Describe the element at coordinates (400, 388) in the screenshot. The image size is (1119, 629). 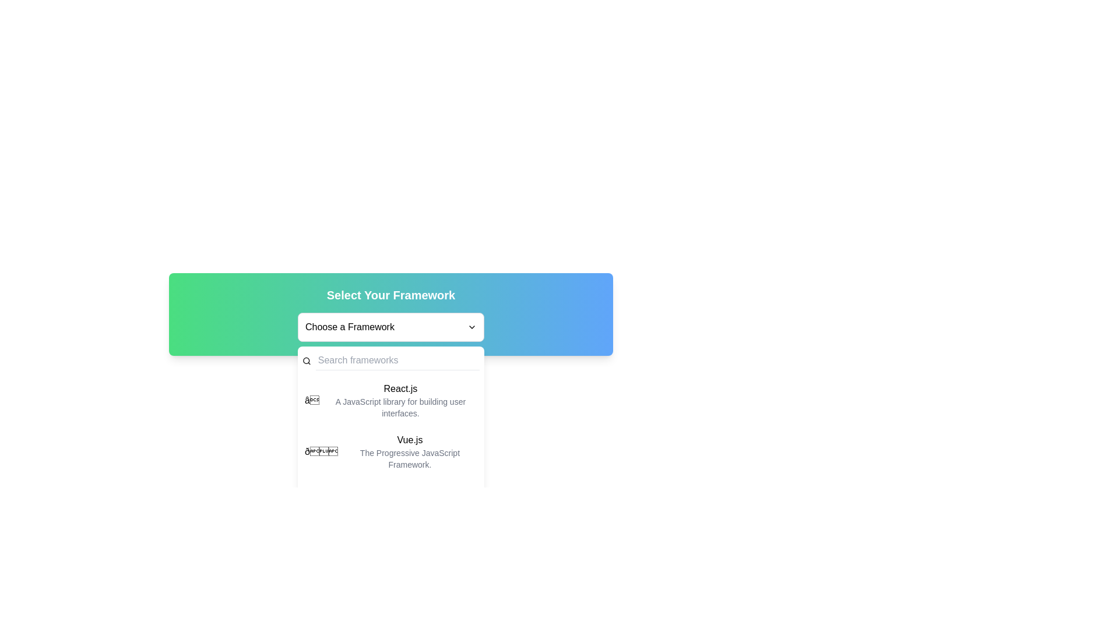
I see `the 'React.js' title text, which is styled with a medium font weight and displayed prominently as a header within a dropdown list` at that location.